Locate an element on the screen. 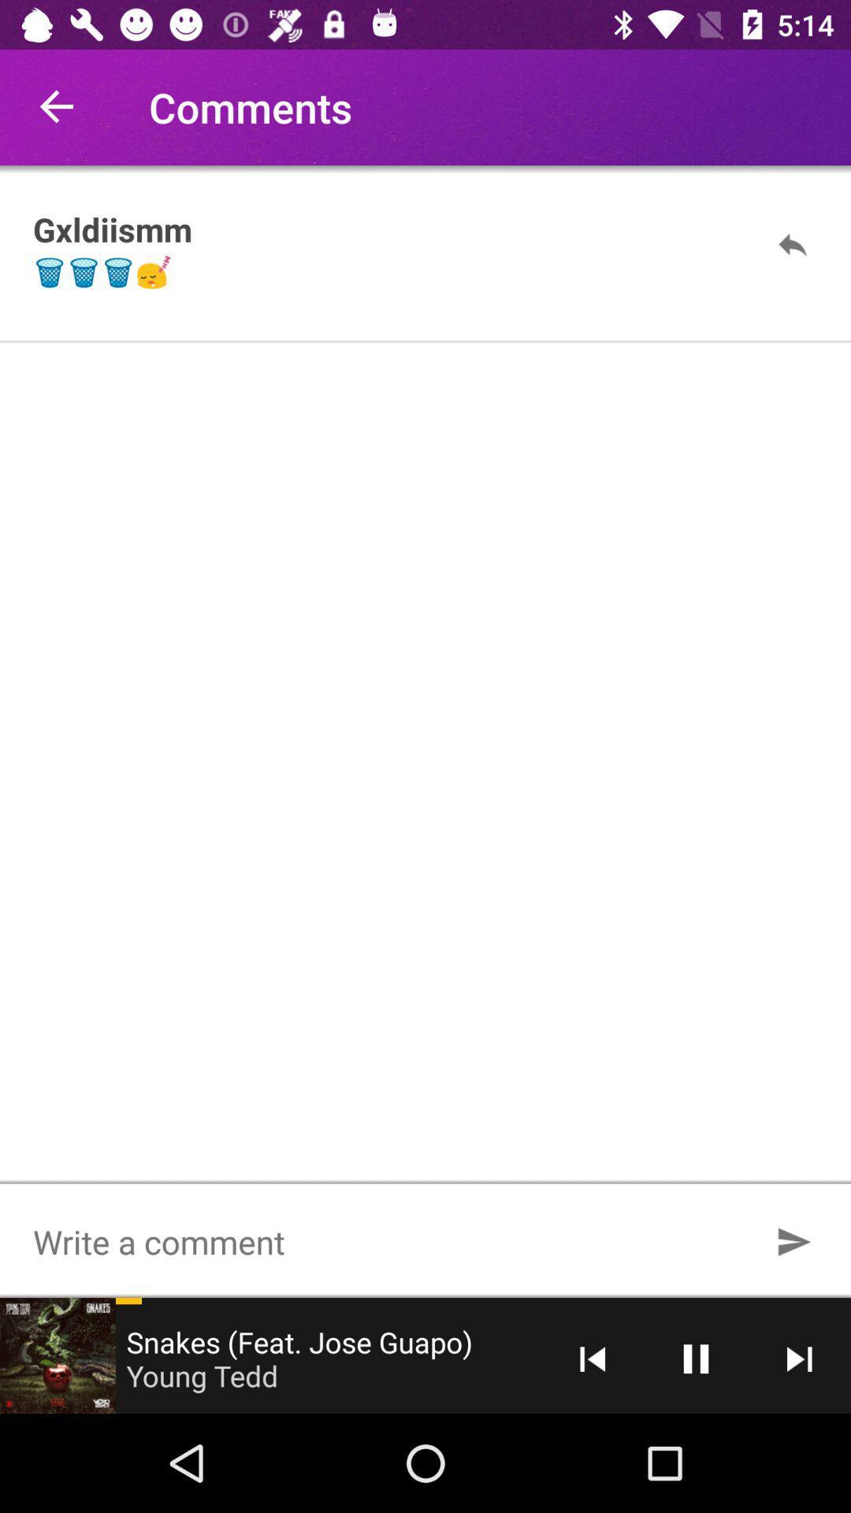 The image size is (851, 1513). the item at the top right corner is located at coordinates (793, 243).